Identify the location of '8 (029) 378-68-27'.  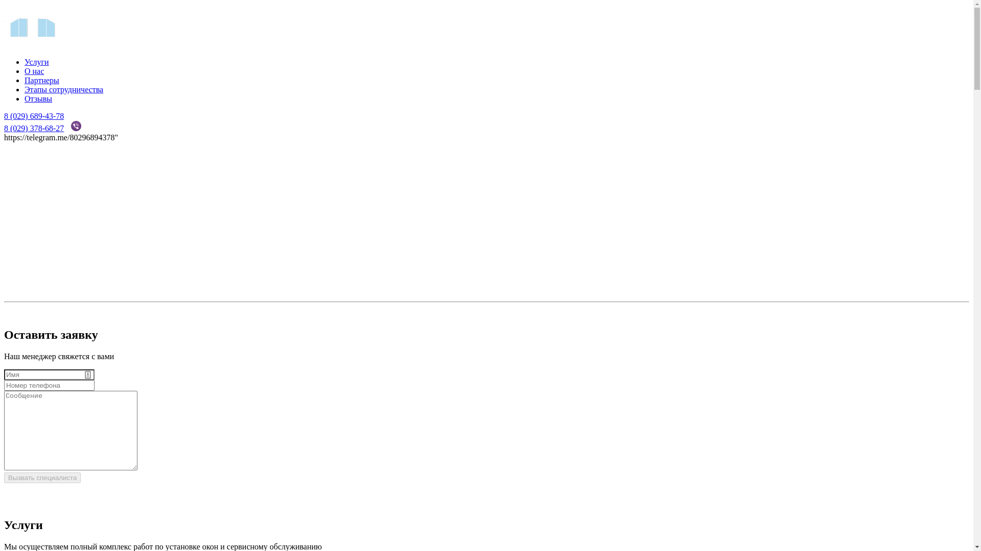
(34, 128).